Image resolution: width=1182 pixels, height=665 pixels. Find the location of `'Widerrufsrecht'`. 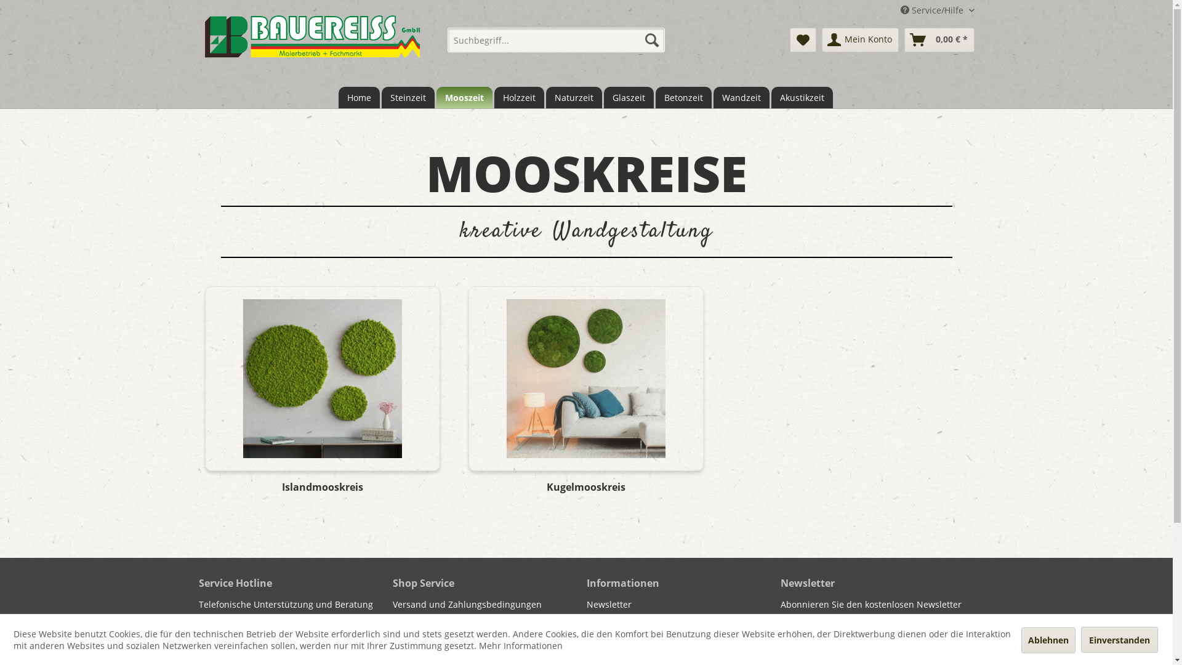

'Widerrufsrecht' is located at coordinates (392, 634).